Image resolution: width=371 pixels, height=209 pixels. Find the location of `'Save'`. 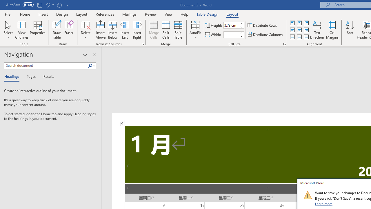

'Save' is located at coordinates (39, 5).